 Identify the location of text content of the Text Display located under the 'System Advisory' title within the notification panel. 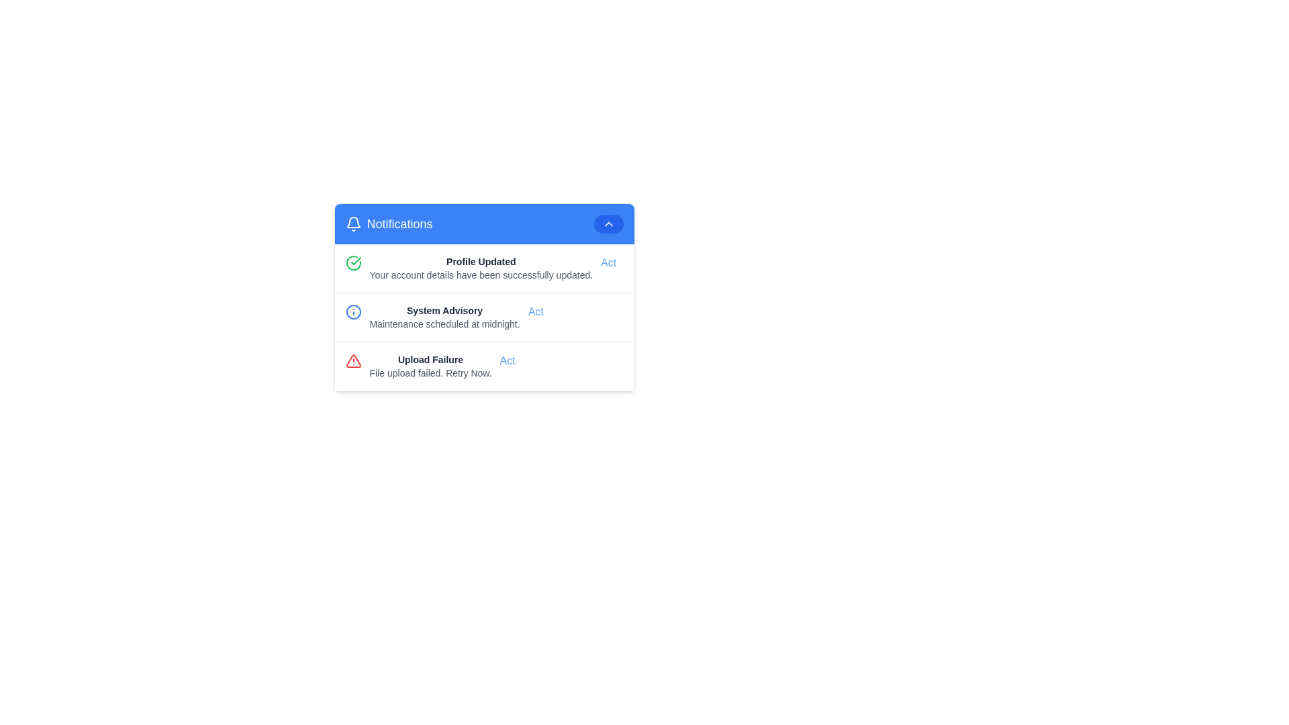
(444, 324).